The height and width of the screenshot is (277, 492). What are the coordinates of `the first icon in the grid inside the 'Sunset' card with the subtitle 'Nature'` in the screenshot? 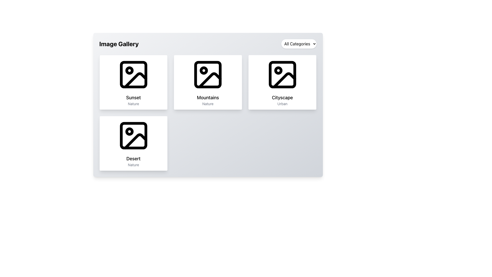 It's located at (133, 74).